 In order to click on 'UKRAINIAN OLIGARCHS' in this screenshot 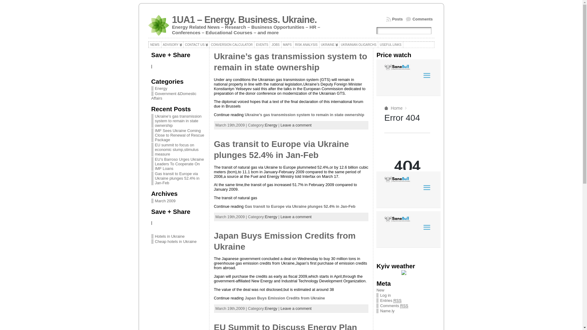, I will do `click(358, 44)`.